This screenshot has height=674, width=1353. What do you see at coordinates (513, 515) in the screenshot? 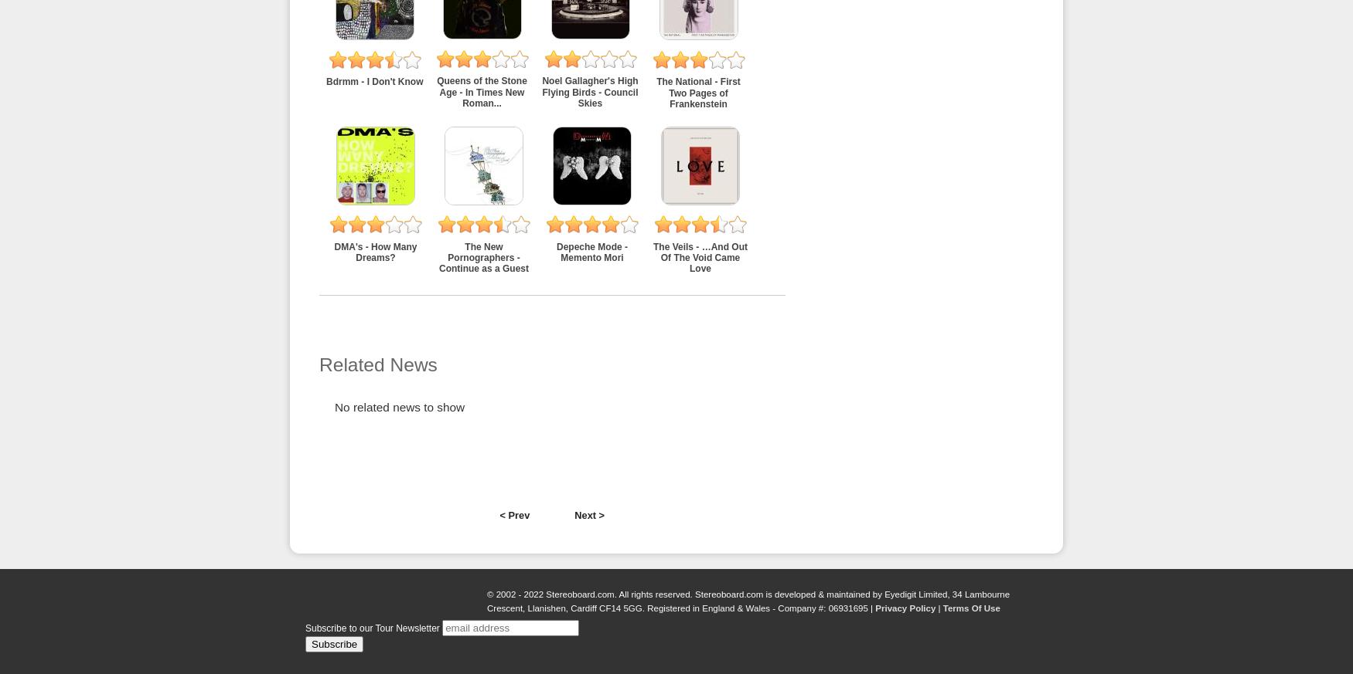
I see `'< Prev'` at bounding box center [513, 515].